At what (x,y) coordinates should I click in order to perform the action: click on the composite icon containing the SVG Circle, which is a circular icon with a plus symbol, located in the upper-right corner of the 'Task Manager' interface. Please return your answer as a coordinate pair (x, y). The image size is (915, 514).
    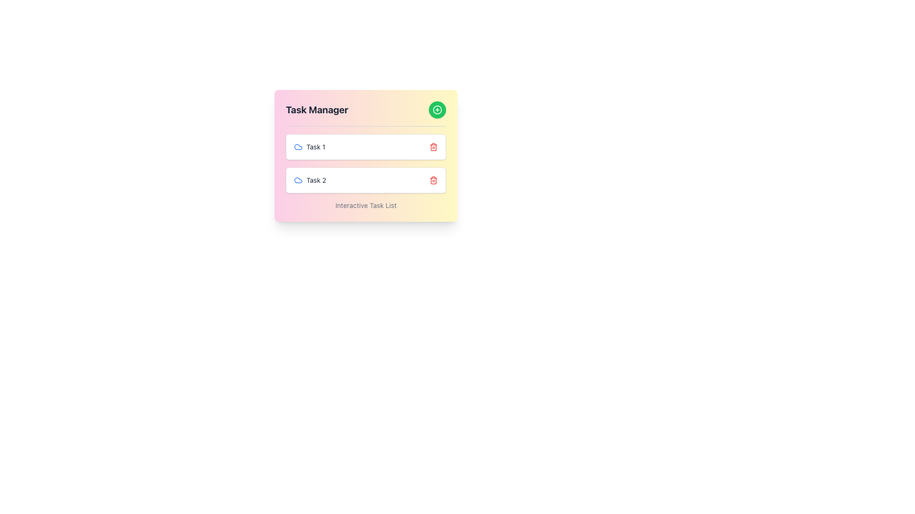
    Looking at the image, I should click on (437, 109).